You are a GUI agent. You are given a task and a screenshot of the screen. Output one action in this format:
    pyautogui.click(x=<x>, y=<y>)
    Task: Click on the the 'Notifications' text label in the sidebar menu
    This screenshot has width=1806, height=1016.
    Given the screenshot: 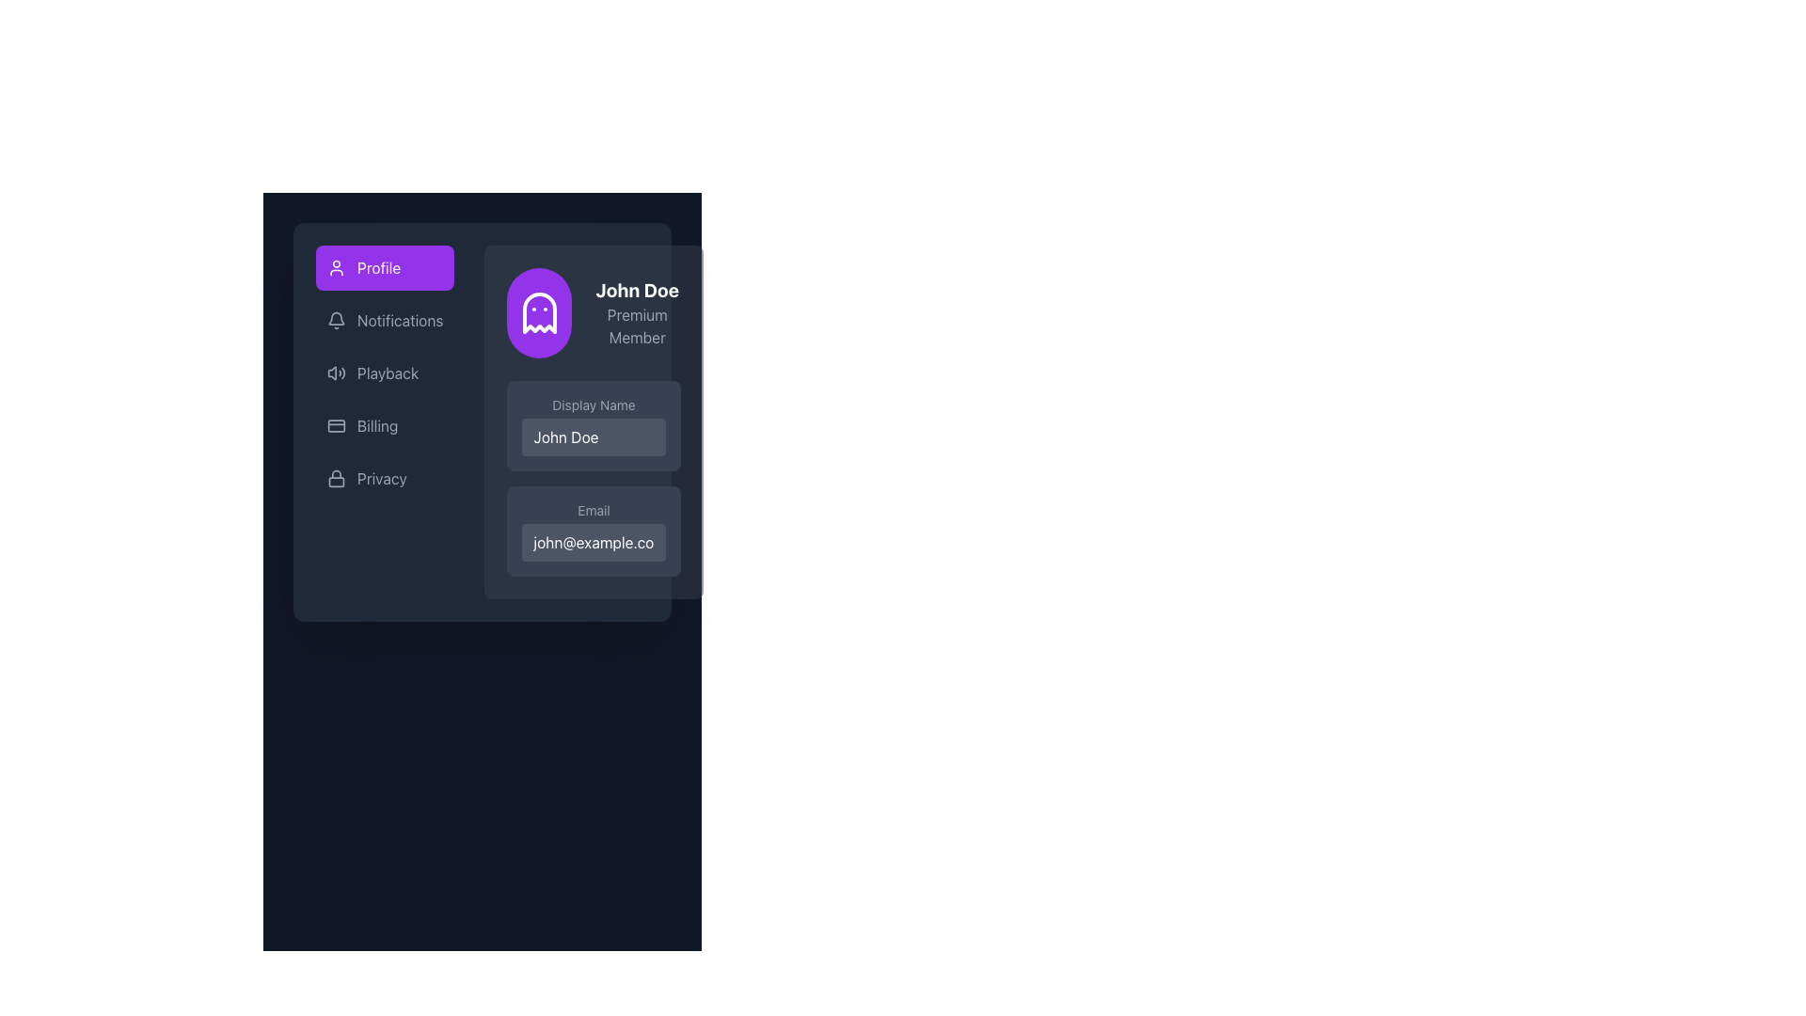 What is the action you would take?
    pyautogui.click(x=399, y=319)
    